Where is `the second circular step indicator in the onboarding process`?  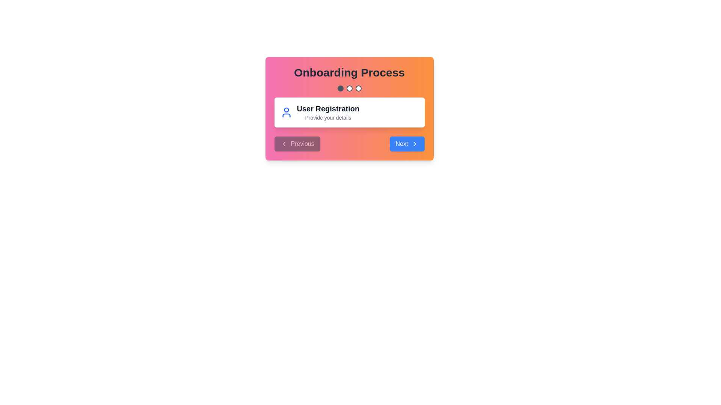 the second circular step indicator in the onboarding process is located at coordinates (349, 88).